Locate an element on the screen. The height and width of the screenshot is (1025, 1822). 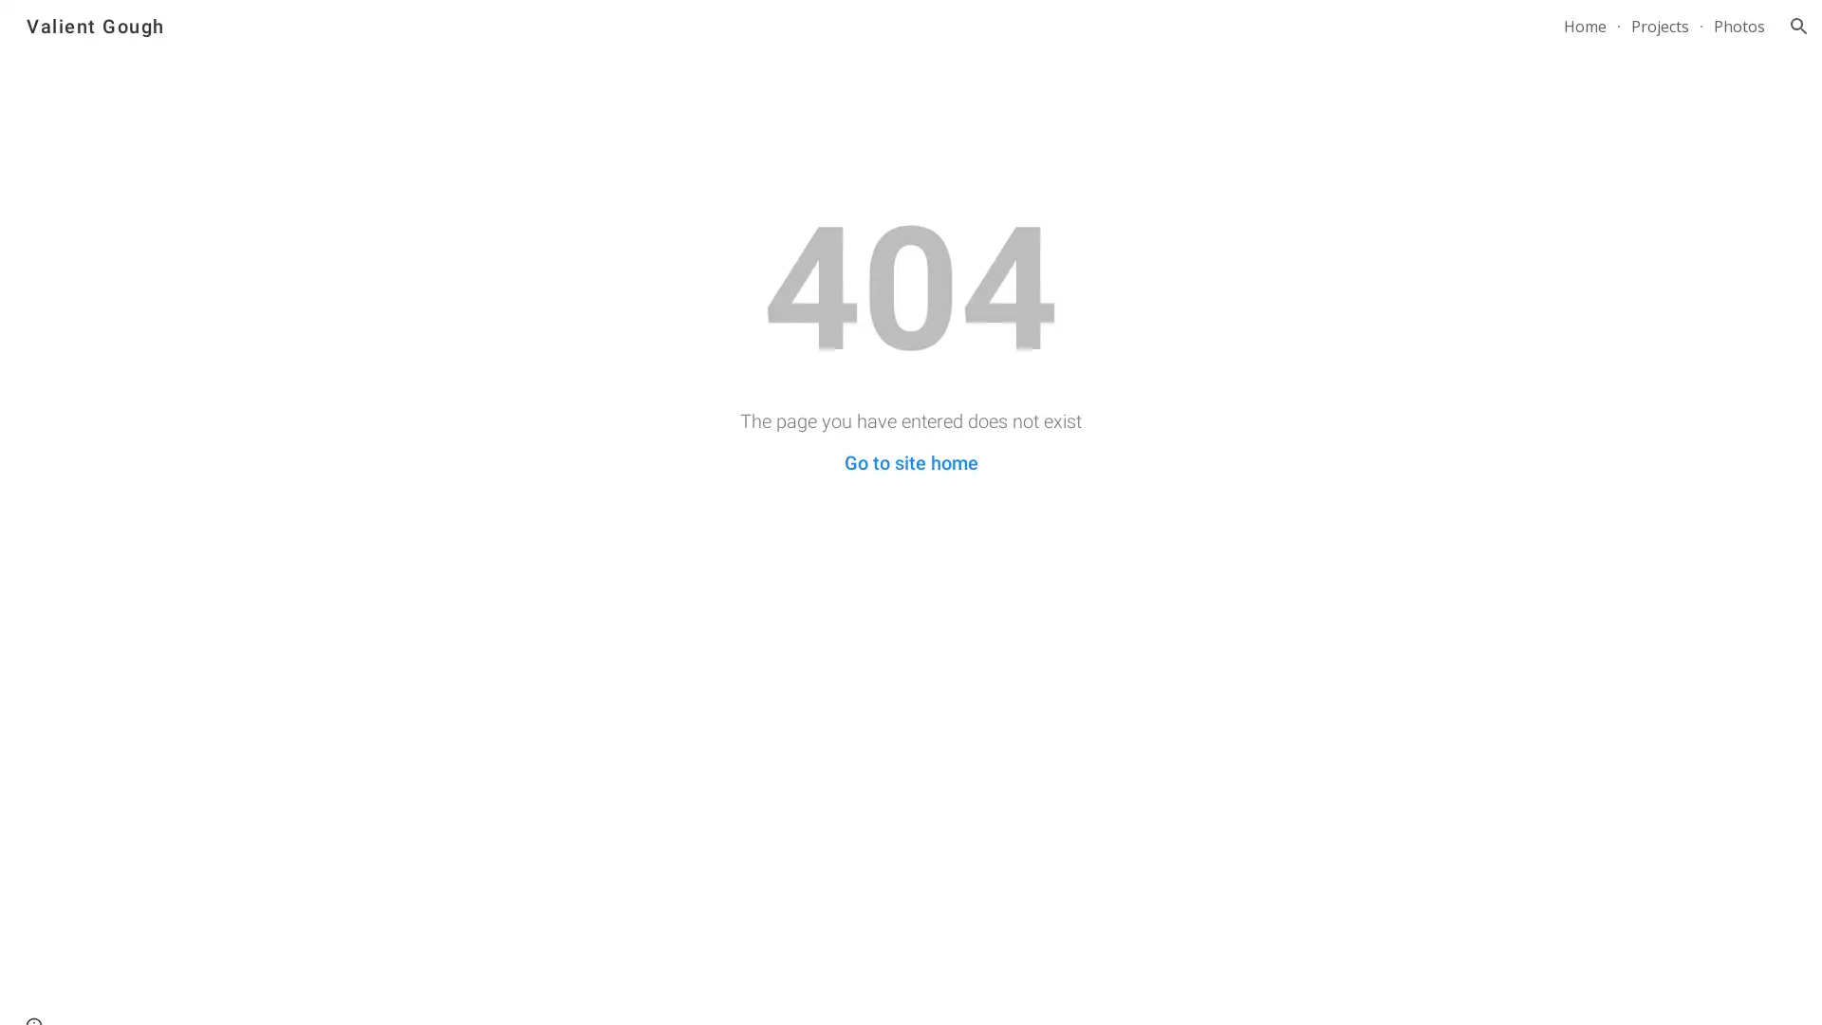
Report abuse is located at coordinates (228, 991).